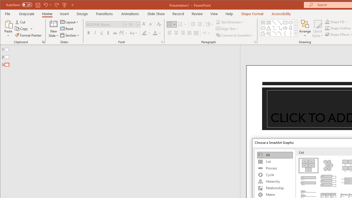 The image size is (352, 198). What do you see at coordinates (26, 13) in the screenshot?
I see `'Grayscale'` at bounding box center [26, 13].